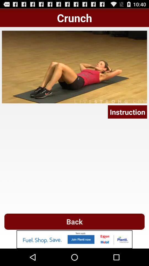 This screenshot has width=149, height=266. What do you see at coordinates (74, 239) in the screenshot?
I see `open advertisement` at bounding box center [74, 239].